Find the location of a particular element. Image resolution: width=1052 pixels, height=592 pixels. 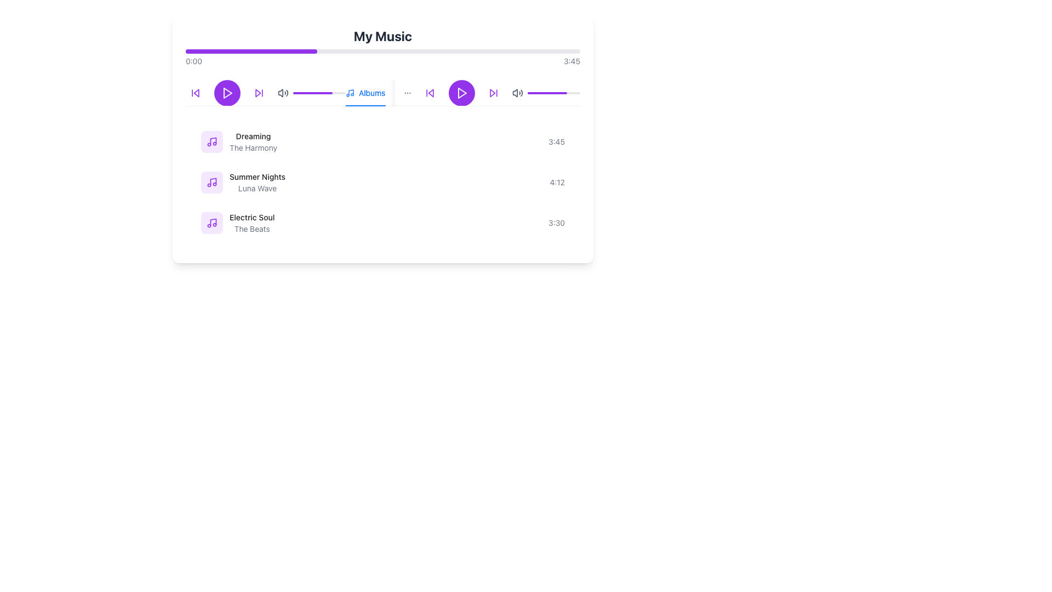

volume is located at coordinates (578, 92).